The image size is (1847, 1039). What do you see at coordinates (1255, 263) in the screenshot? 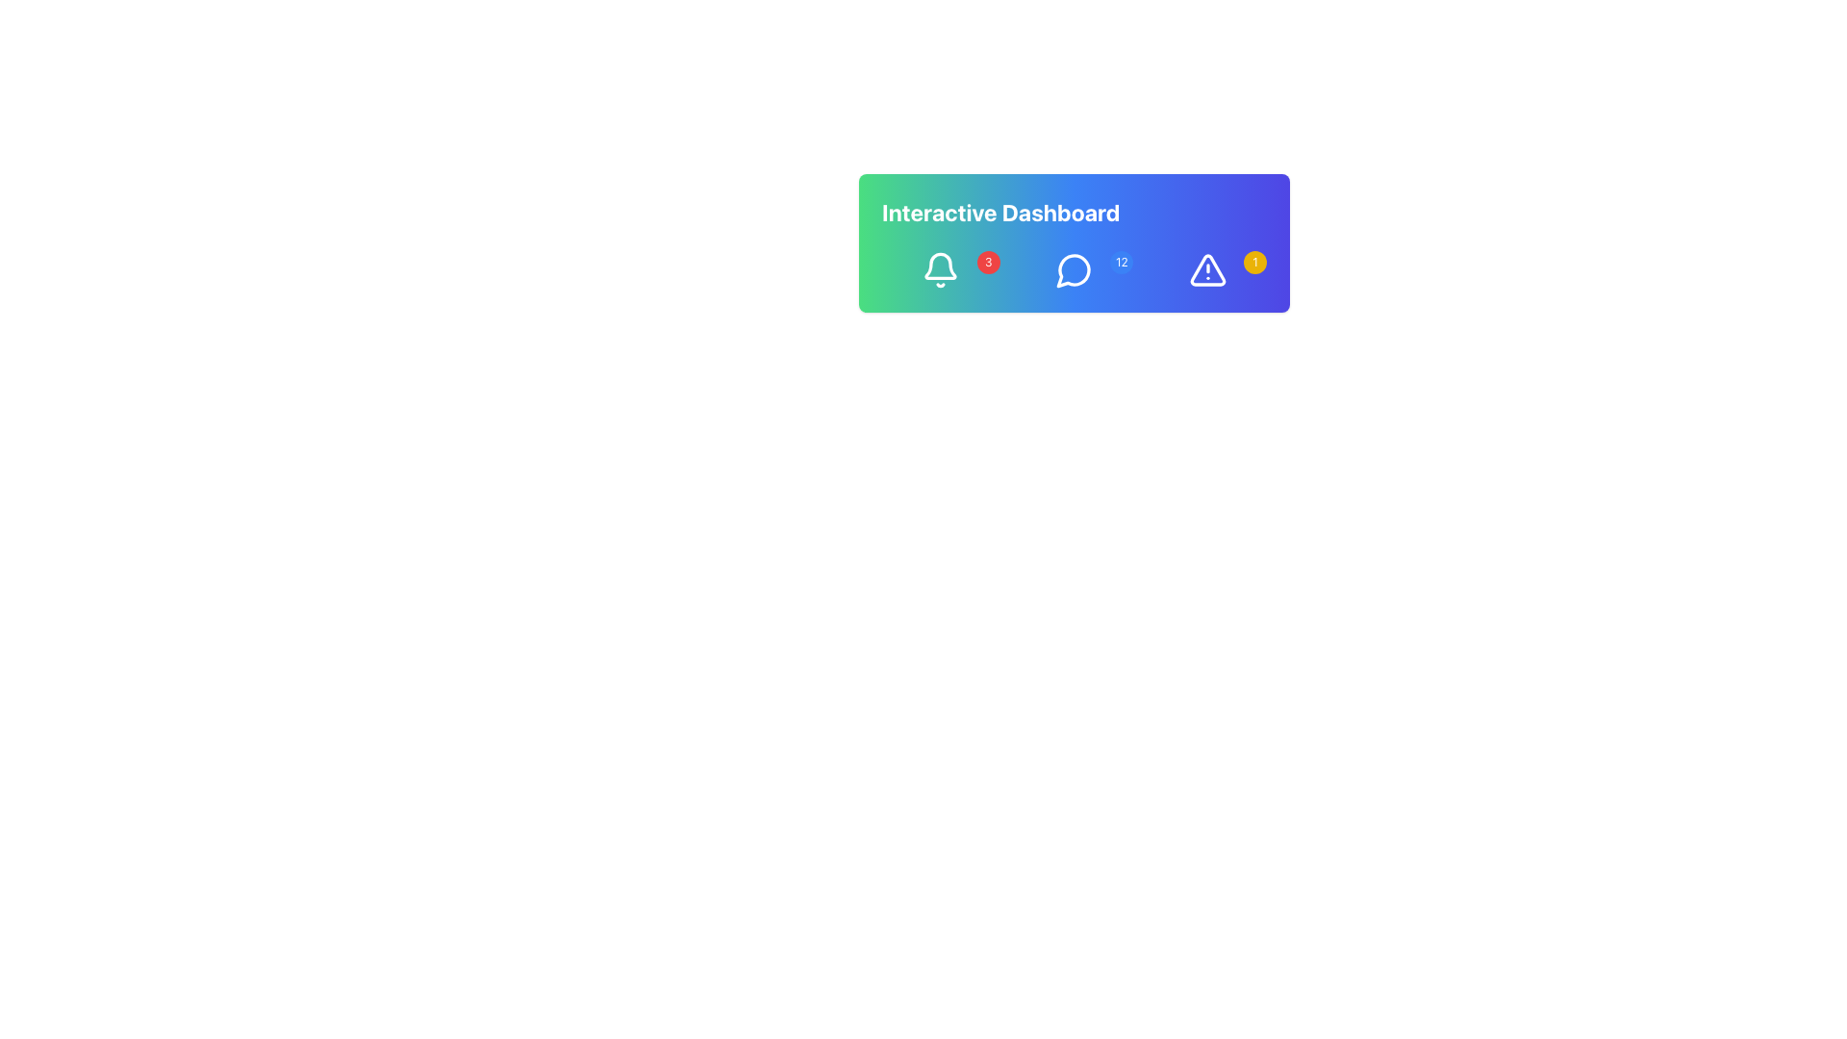
I see `the small circular badge with a yellow background and the number '1' in white font located at the top-right corner of the warning sign icon` at bounding box center [1255, 263].